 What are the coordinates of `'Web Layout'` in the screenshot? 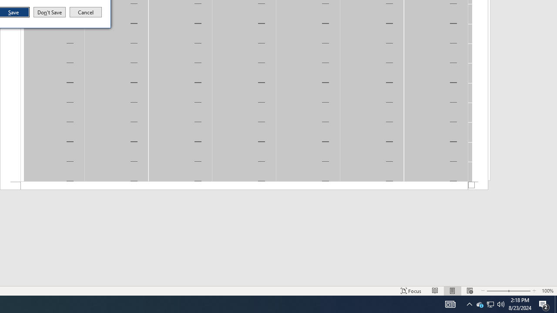 It's located at (469, 303).